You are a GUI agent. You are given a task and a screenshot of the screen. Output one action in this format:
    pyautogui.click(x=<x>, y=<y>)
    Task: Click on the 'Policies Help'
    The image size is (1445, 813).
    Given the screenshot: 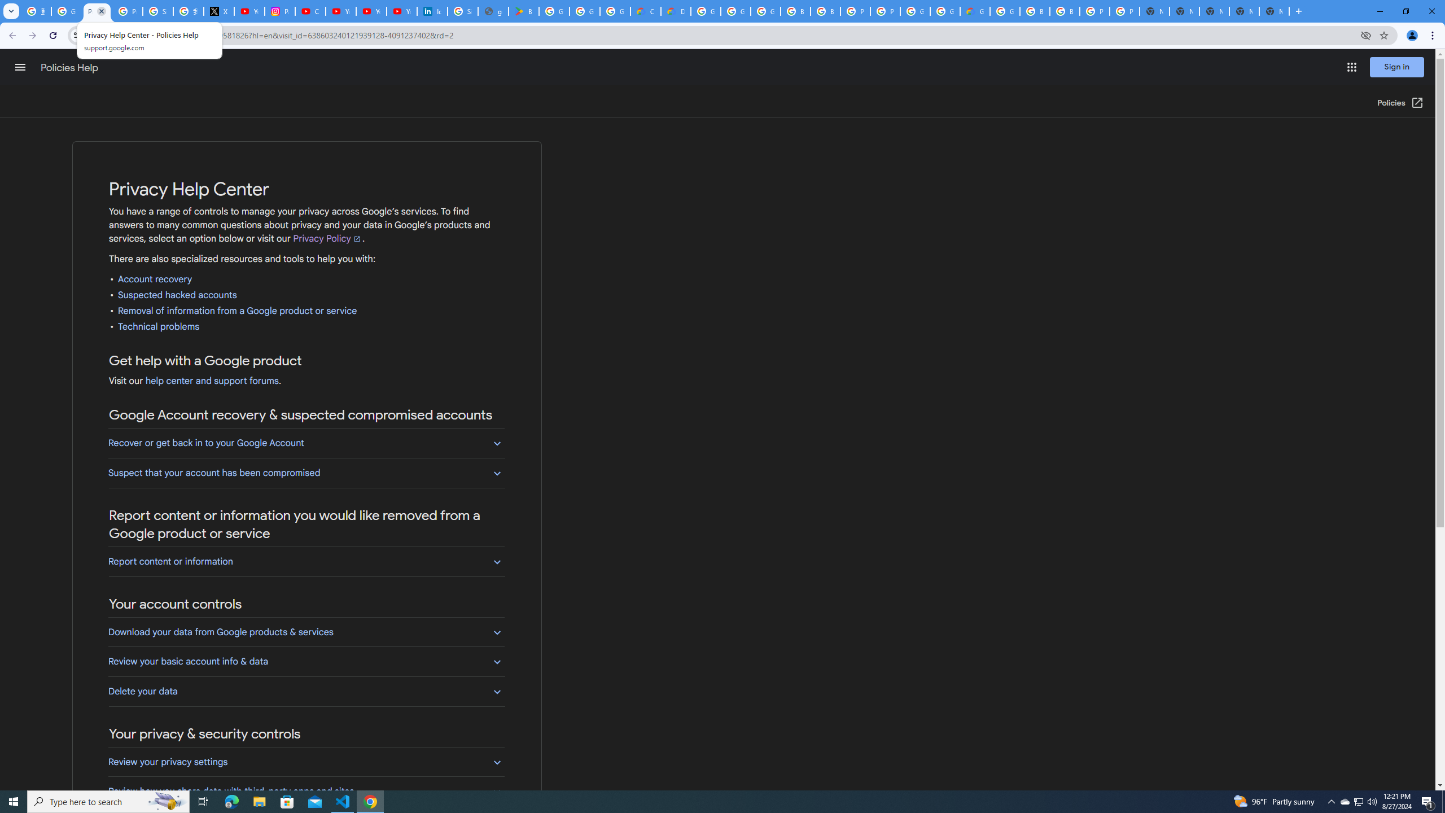 What is the action you would take?
    pyautogui.click(x=71, y=67)
    